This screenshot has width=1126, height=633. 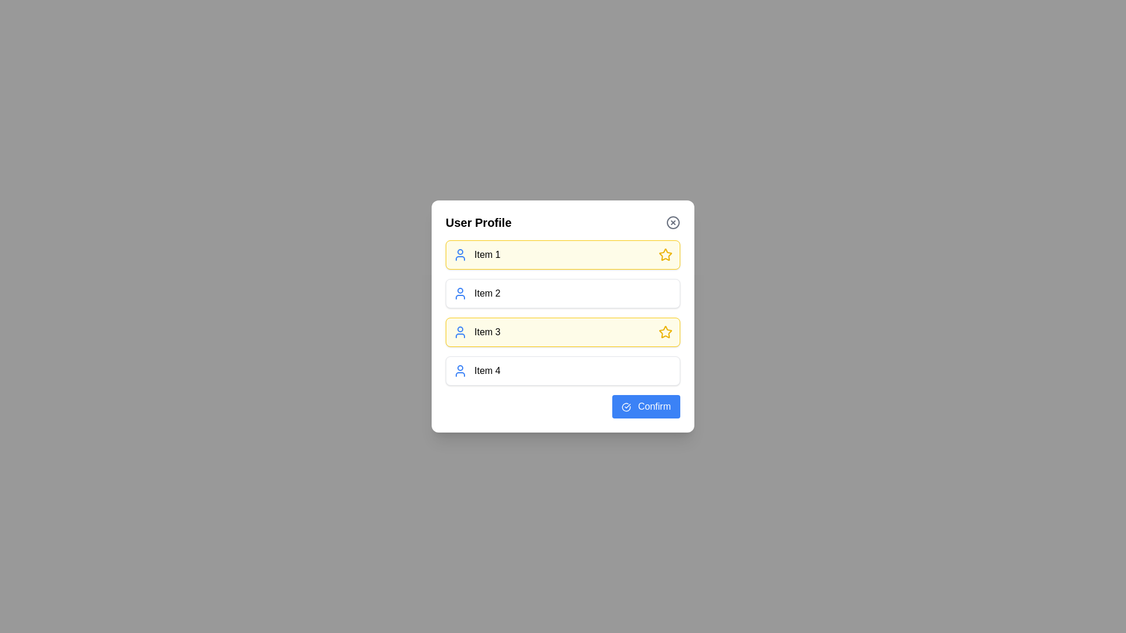 What do you see at coordinates (460, 293) in the screenshot?
I see `the user profile icon associated with the 'Item 2' section by moving the cursor to its center` at bounding box center [460, 293].